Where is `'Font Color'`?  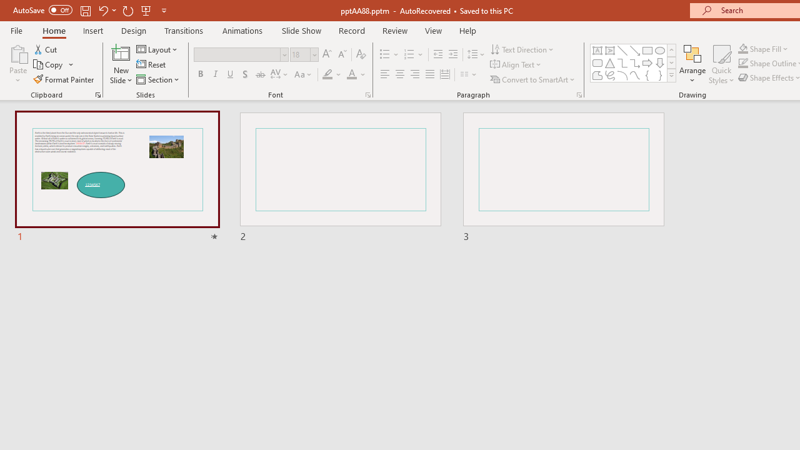 'Font Color' is located at coordinates (356, 74).